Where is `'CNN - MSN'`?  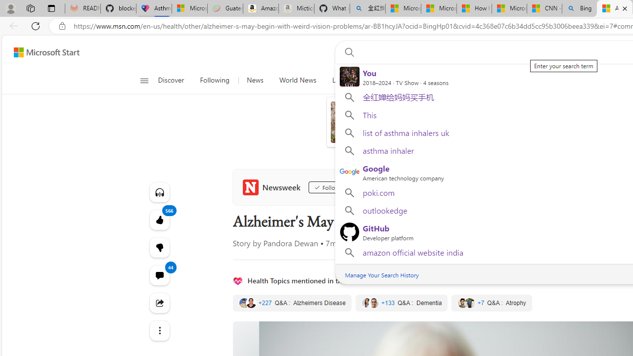
'CNN - MSN' is located at coordinates (544, 8).